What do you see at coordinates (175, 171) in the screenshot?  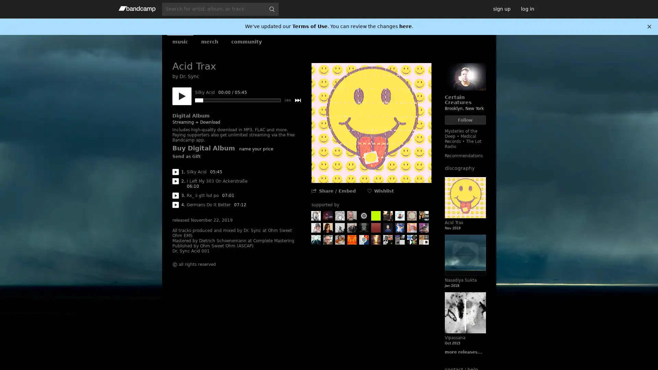 I see `Play Silky Acid` at bounding box center [175, 171].